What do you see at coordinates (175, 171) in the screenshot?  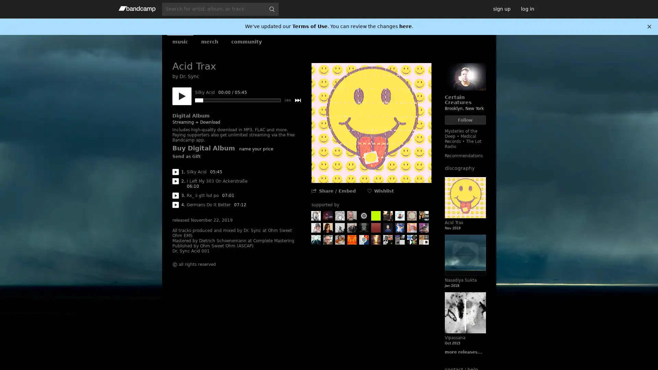 I see `Play Silky Acid` at bounding box center [175, 171].